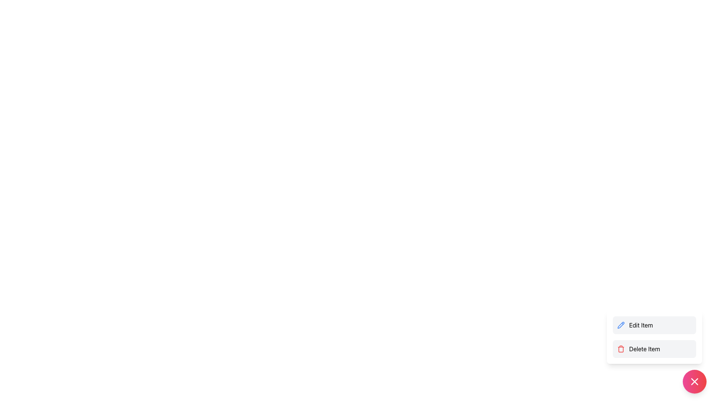 The width and height of the screenshot is (714, 401). What do you see at coordinates (644, 349) in the screenshot?
I see `on the 'Delete Item' text label located in the bottom-right of the menu-like structure, beneath the 'Edit Item' option` at bounding box center [644, 349].